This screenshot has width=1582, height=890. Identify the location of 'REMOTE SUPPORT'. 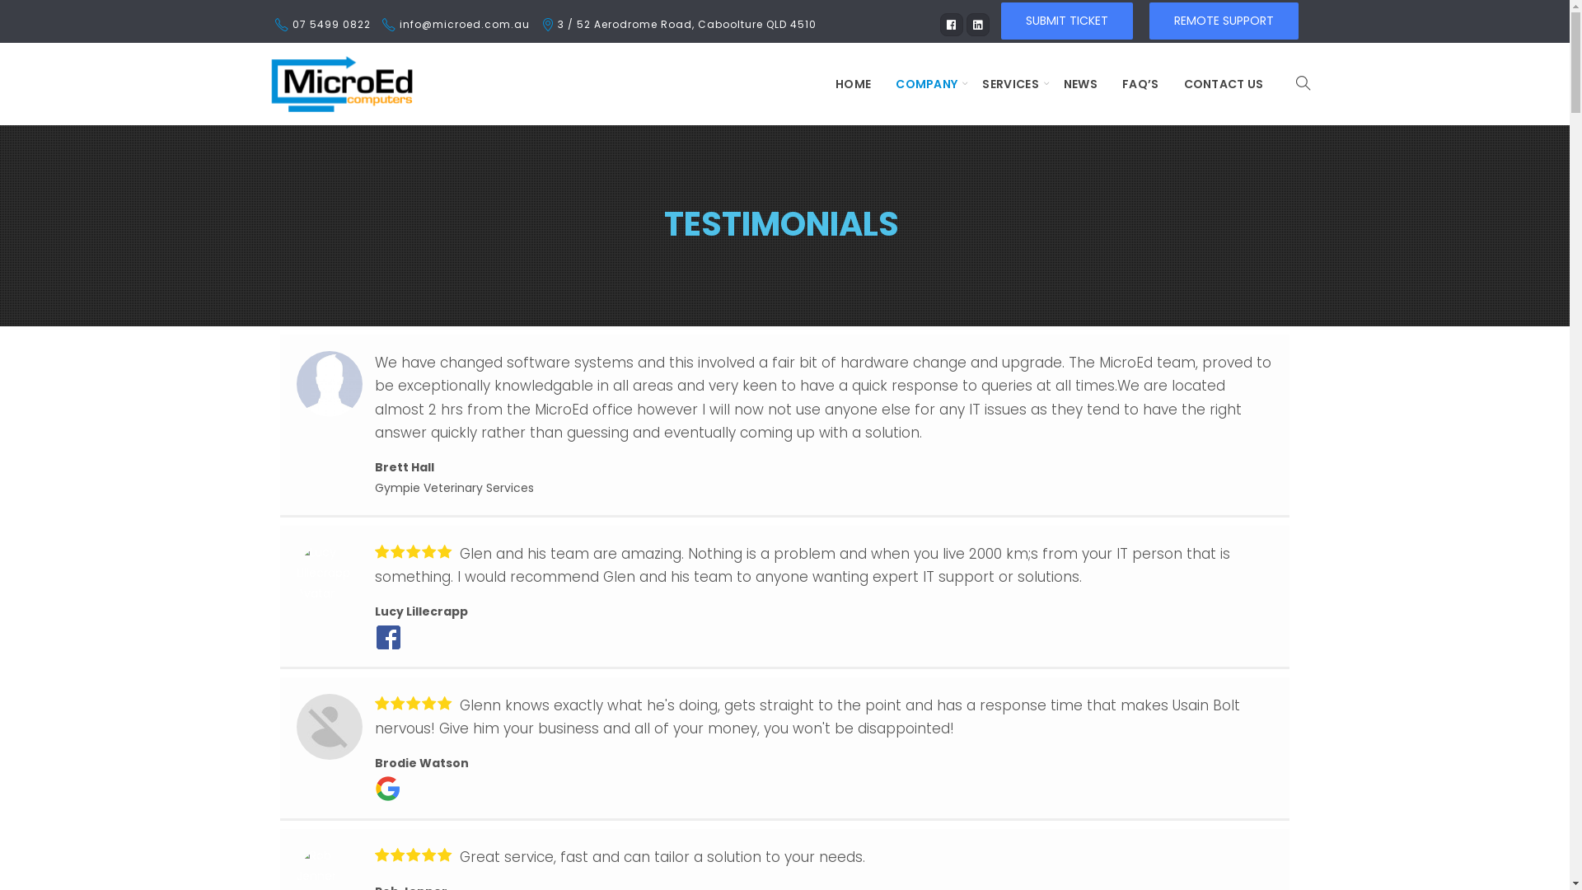
(1147, 20).